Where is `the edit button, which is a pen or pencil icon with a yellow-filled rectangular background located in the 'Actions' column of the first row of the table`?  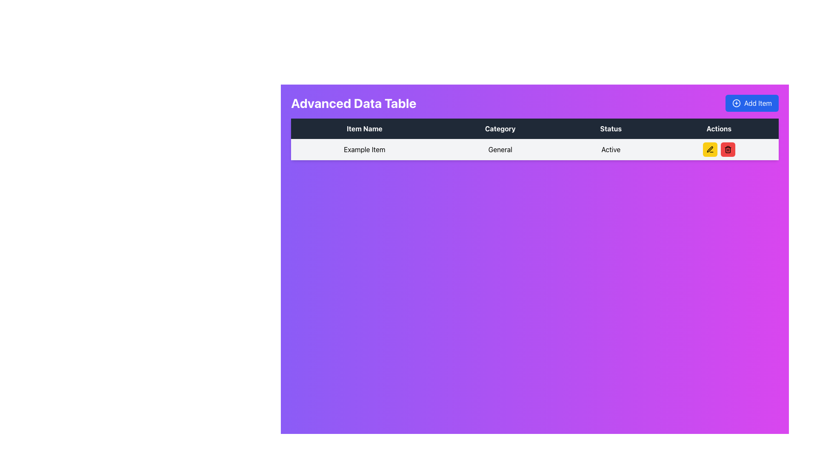
the edit button, which is a pen or pencil icon with a yellow-filled rectangular background located in the 'Actions' column of the first row of the table is located at coordinates (710, 149).